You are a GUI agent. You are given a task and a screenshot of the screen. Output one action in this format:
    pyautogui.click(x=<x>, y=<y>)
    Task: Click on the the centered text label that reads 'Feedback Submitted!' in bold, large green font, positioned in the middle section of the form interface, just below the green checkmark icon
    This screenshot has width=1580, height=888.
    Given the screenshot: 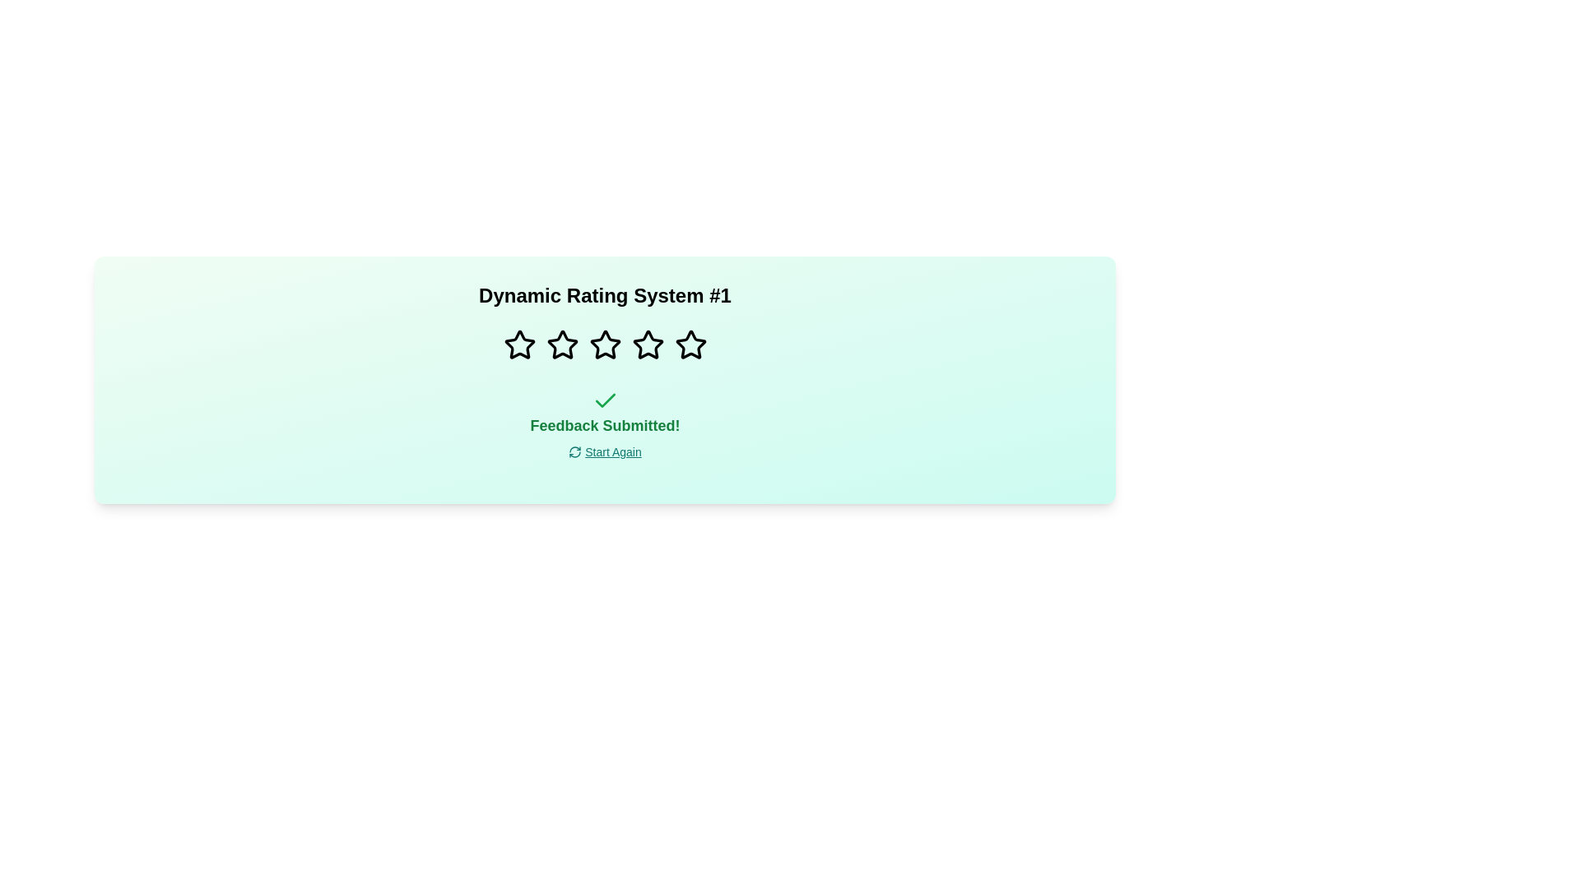 What is the action you would take?
    pyautogui.click(x=604, y=424)
    